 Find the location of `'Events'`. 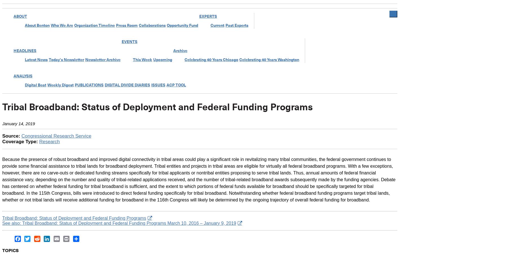

'Events' is located at coordinates (121, 42).